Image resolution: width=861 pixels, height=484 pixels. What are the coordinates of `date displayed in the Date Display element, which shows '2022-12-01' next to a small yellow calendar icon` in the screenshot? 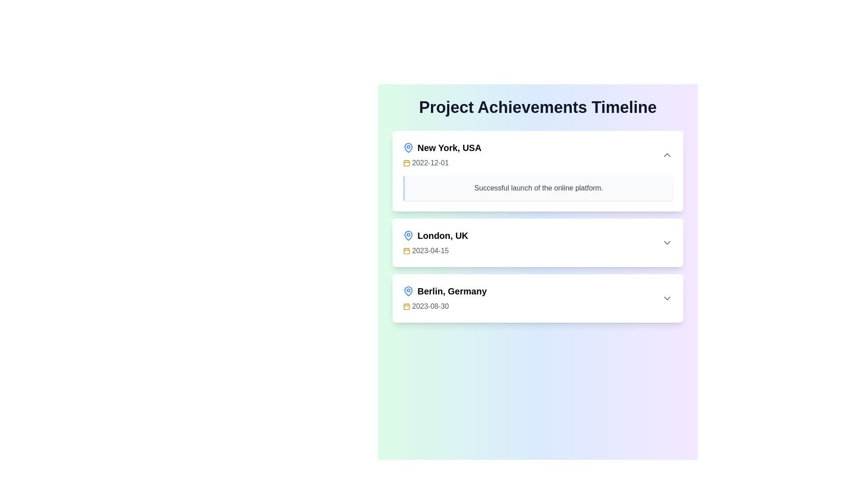 It's located at (442, 163).